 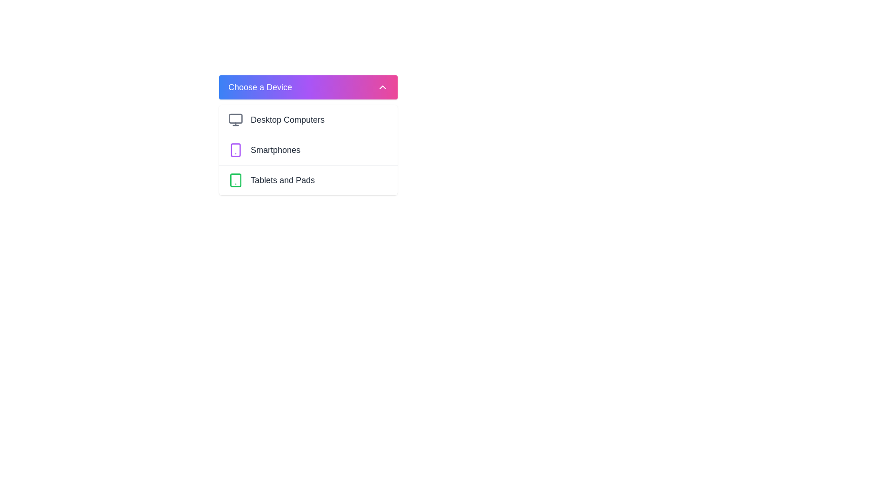 What do you see at coordinates (282, 180) in the screenshot?
I see `the 'Tablets and Pads' text label in the device selection menu` at bounding box center [282, 180].